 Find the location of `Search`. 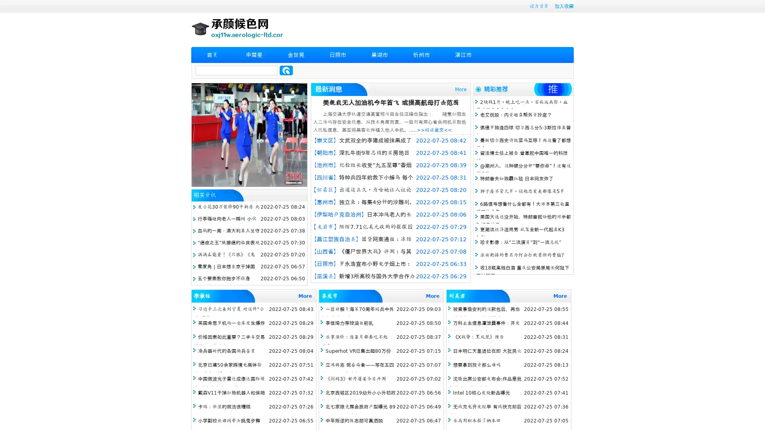

Search is located at coordinates (286, 70).